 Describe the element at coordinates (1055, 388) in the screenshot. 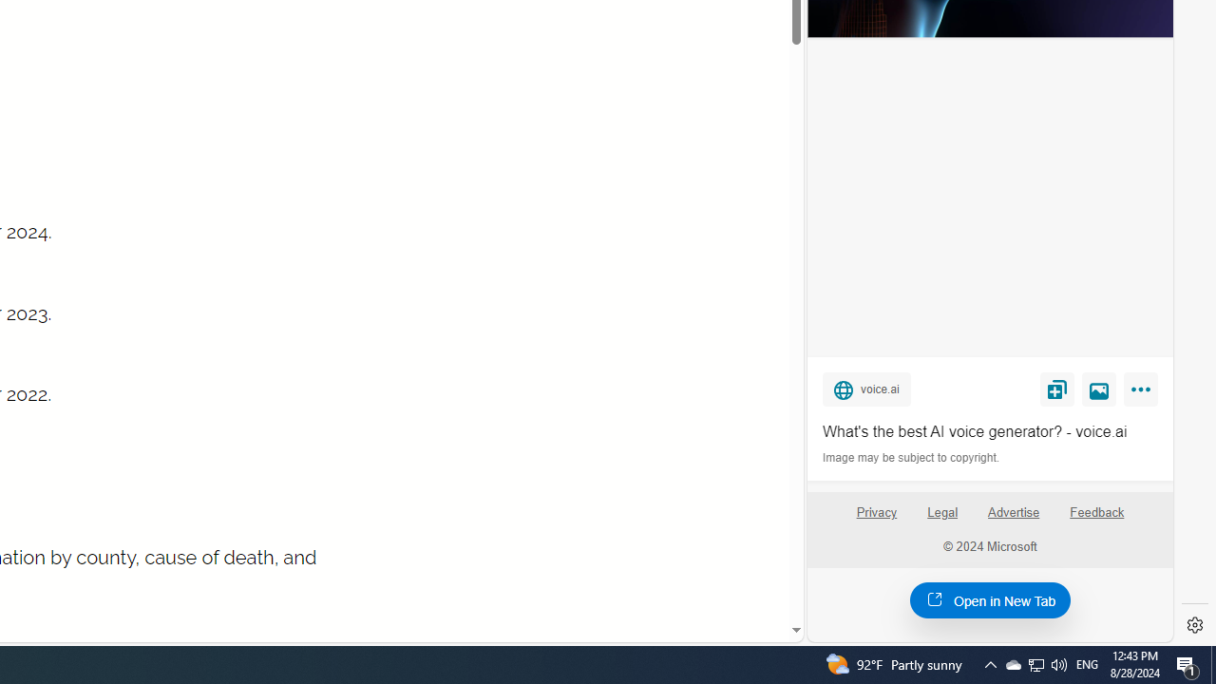

I see `'Save'` at that location.